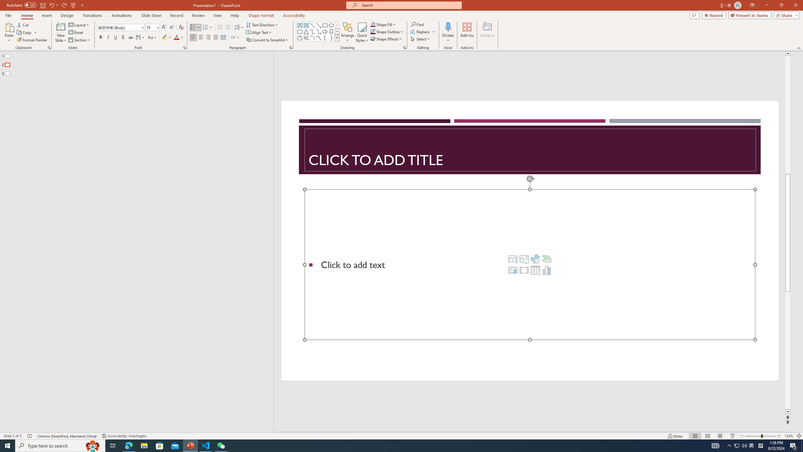  I want to click on 'Stock Images', so click(513, 259).